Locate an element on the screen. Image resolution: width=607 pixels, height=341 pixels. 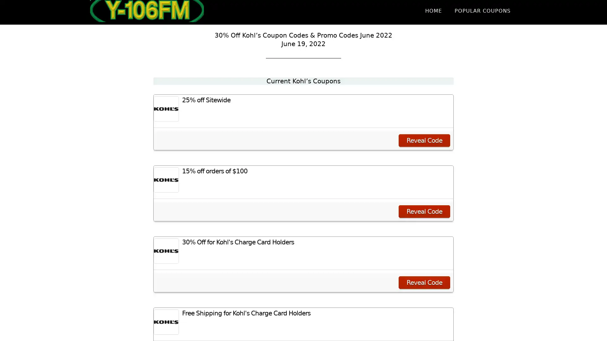
Reveal Code is located at coordinates (424, 282).